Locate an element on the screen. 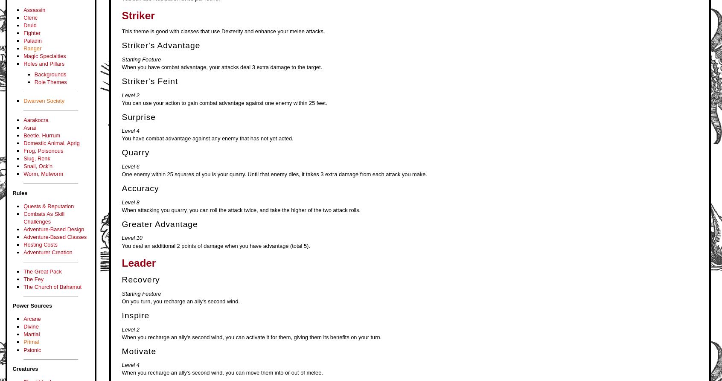 The image size is (722, 381). 'Level 6' is located at coordinates (130, 166).